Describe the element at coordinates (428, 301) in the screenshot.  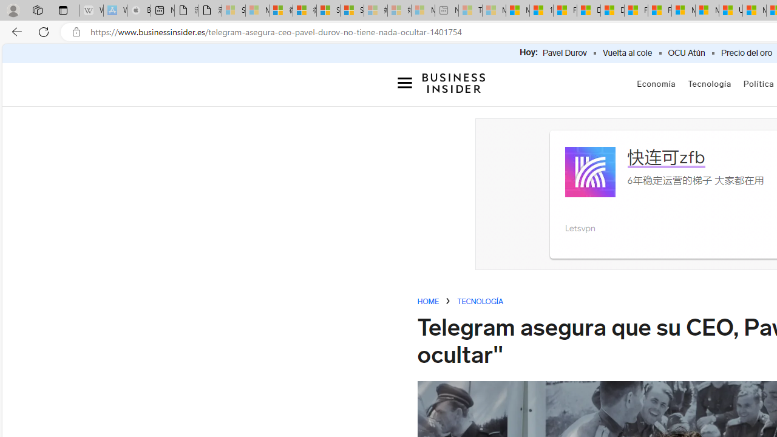
I see `'HOME'` at that location.